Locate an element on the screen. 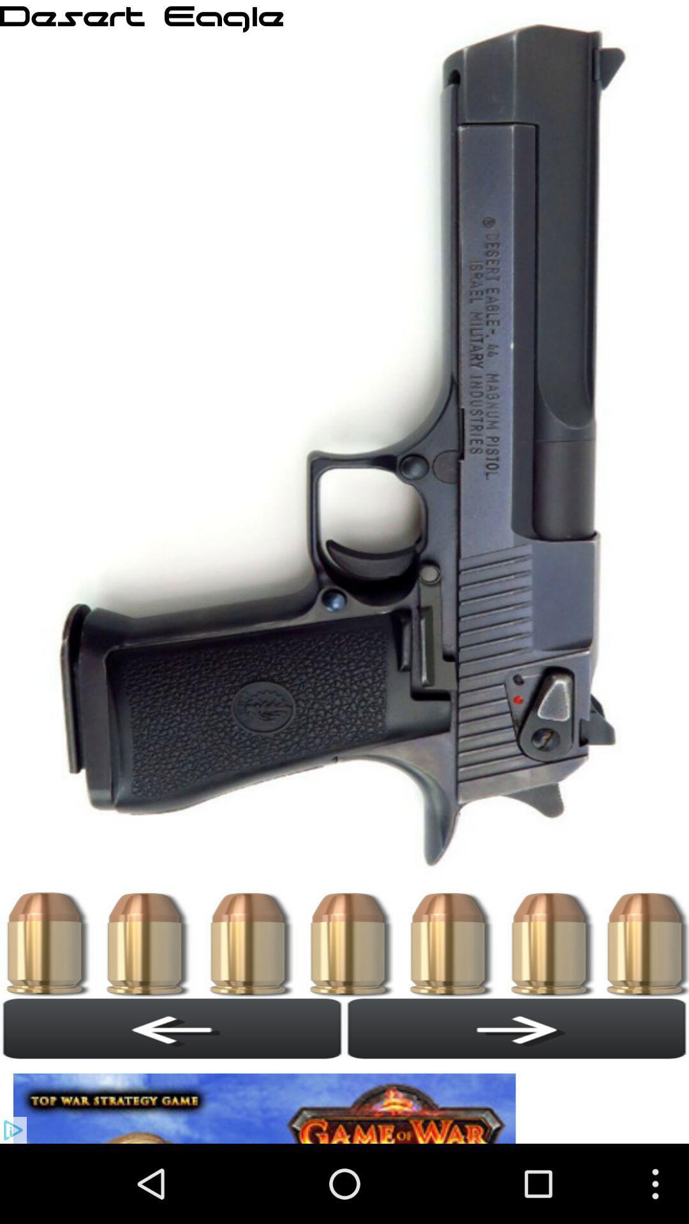  next is located at coordinates (517, 1028).